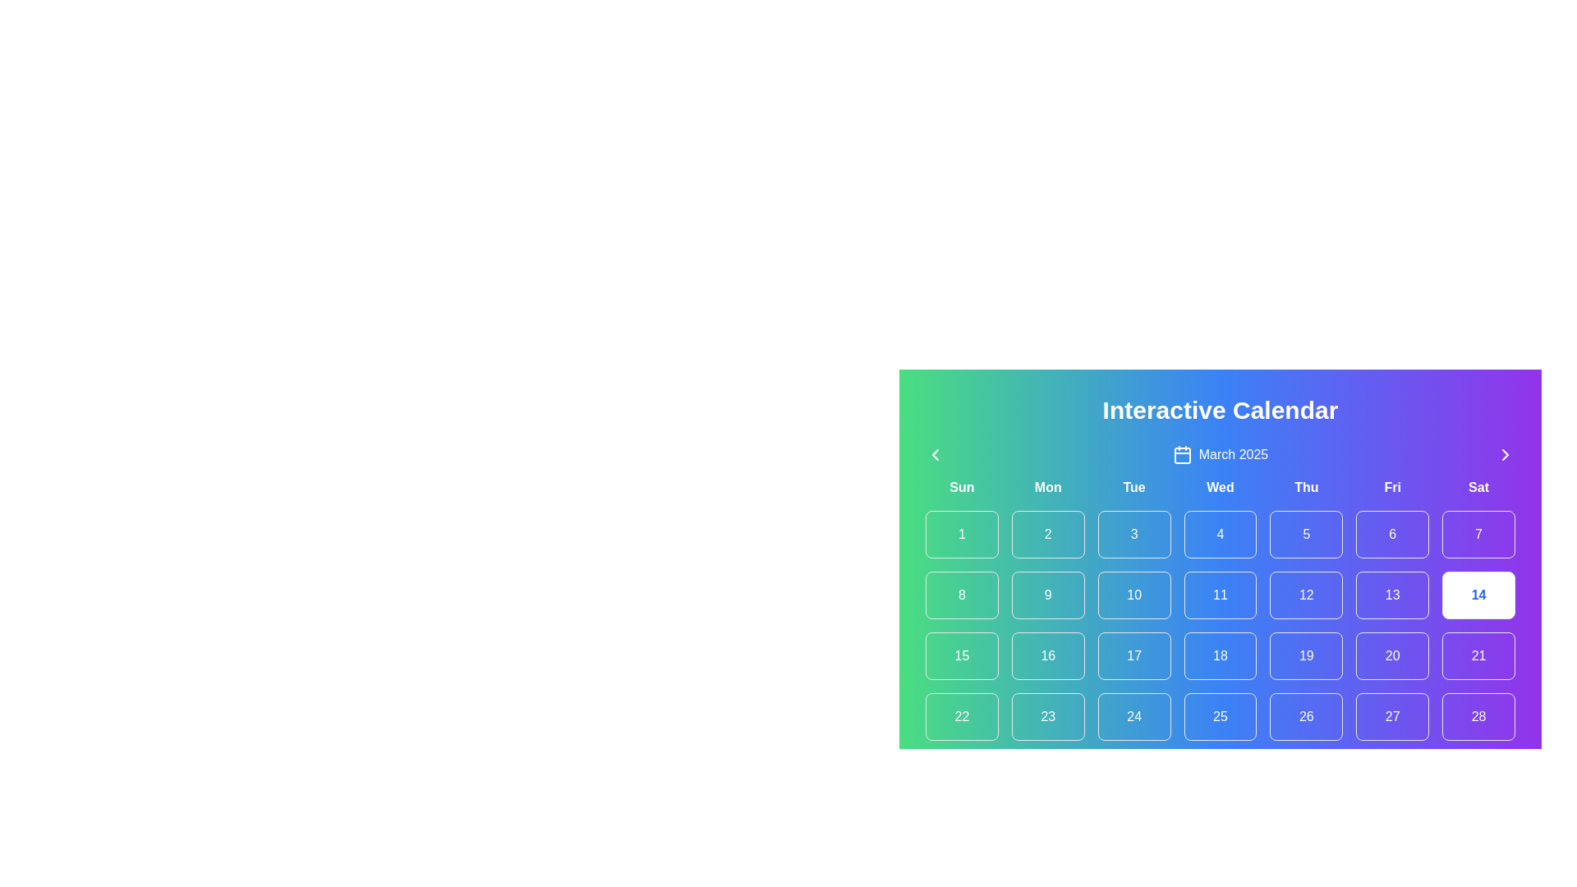  What do you see at coordinates (1506, 455) in the screenshot?
I see `the next month navigation button located at the top-right corner of the calendar interface, adjacent to the date display ('March 2025')` at bounding box center [1506, 455].